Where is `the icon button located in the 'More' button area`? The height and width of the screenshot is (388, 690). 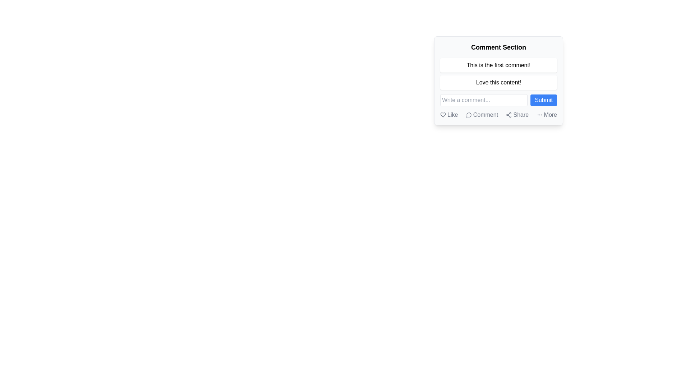
the icon button located in the 'More' button area is located at coordinates (539, 115).